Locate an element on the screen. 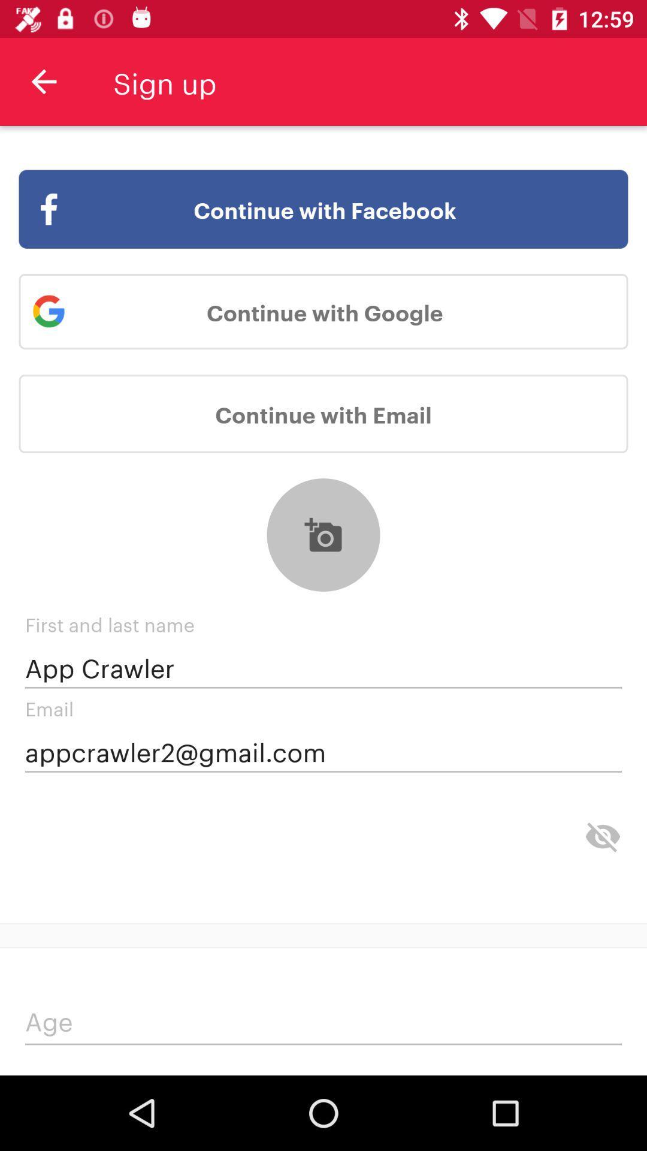 Image resolution: width=647 pixels, height=1151 pixels. field of view is located at coordinates (603, 836).